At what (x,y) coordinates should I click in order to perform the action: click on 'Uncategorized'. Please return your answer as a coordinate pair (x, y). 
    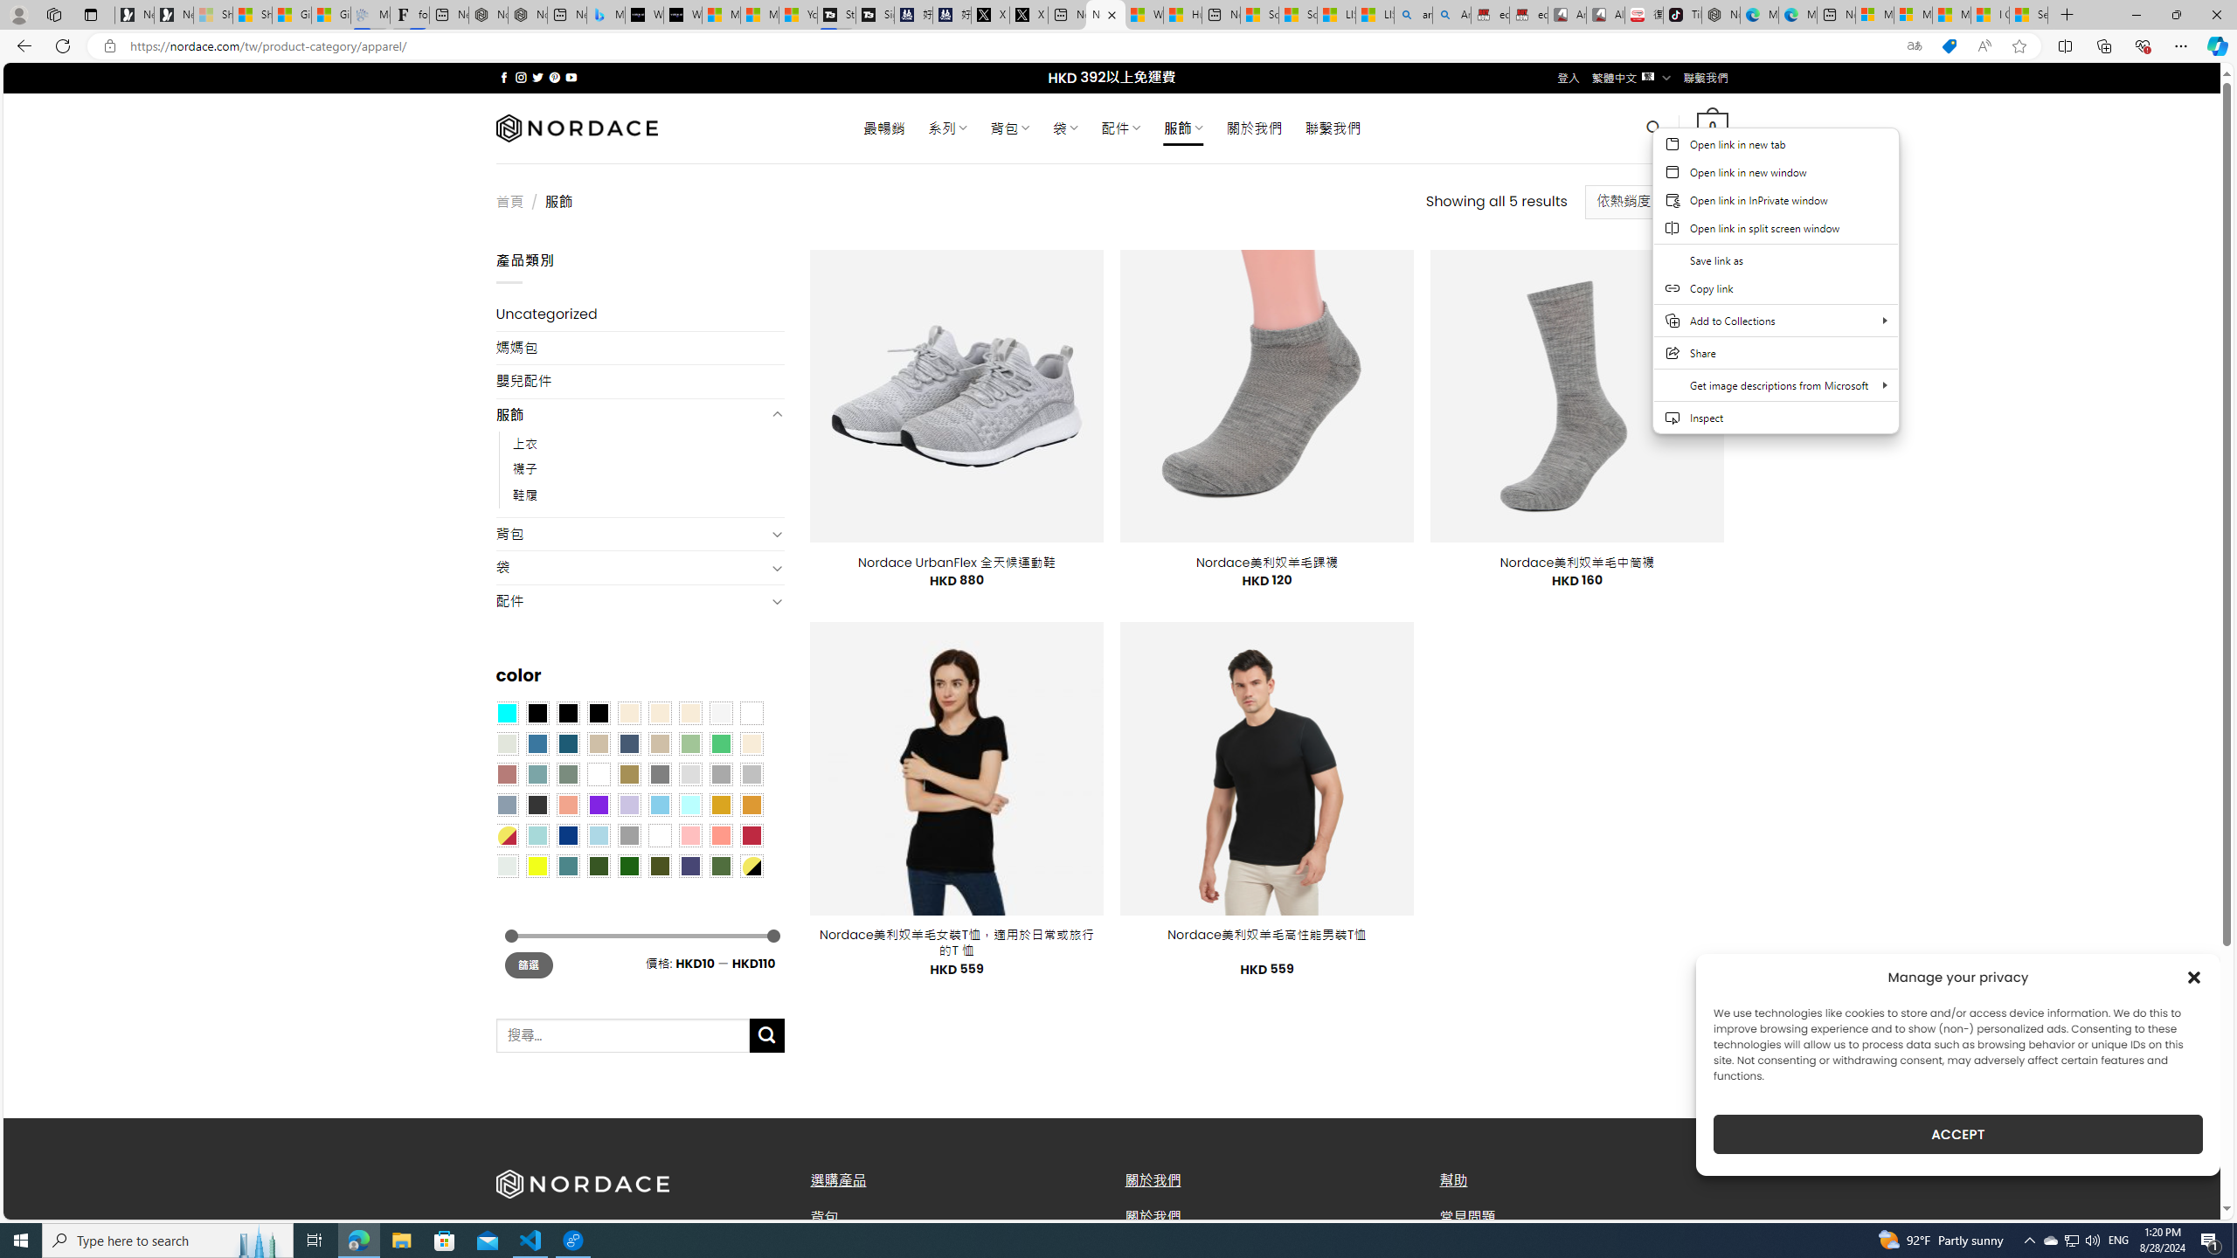
    Looking at the image, I should click on (639, 314).